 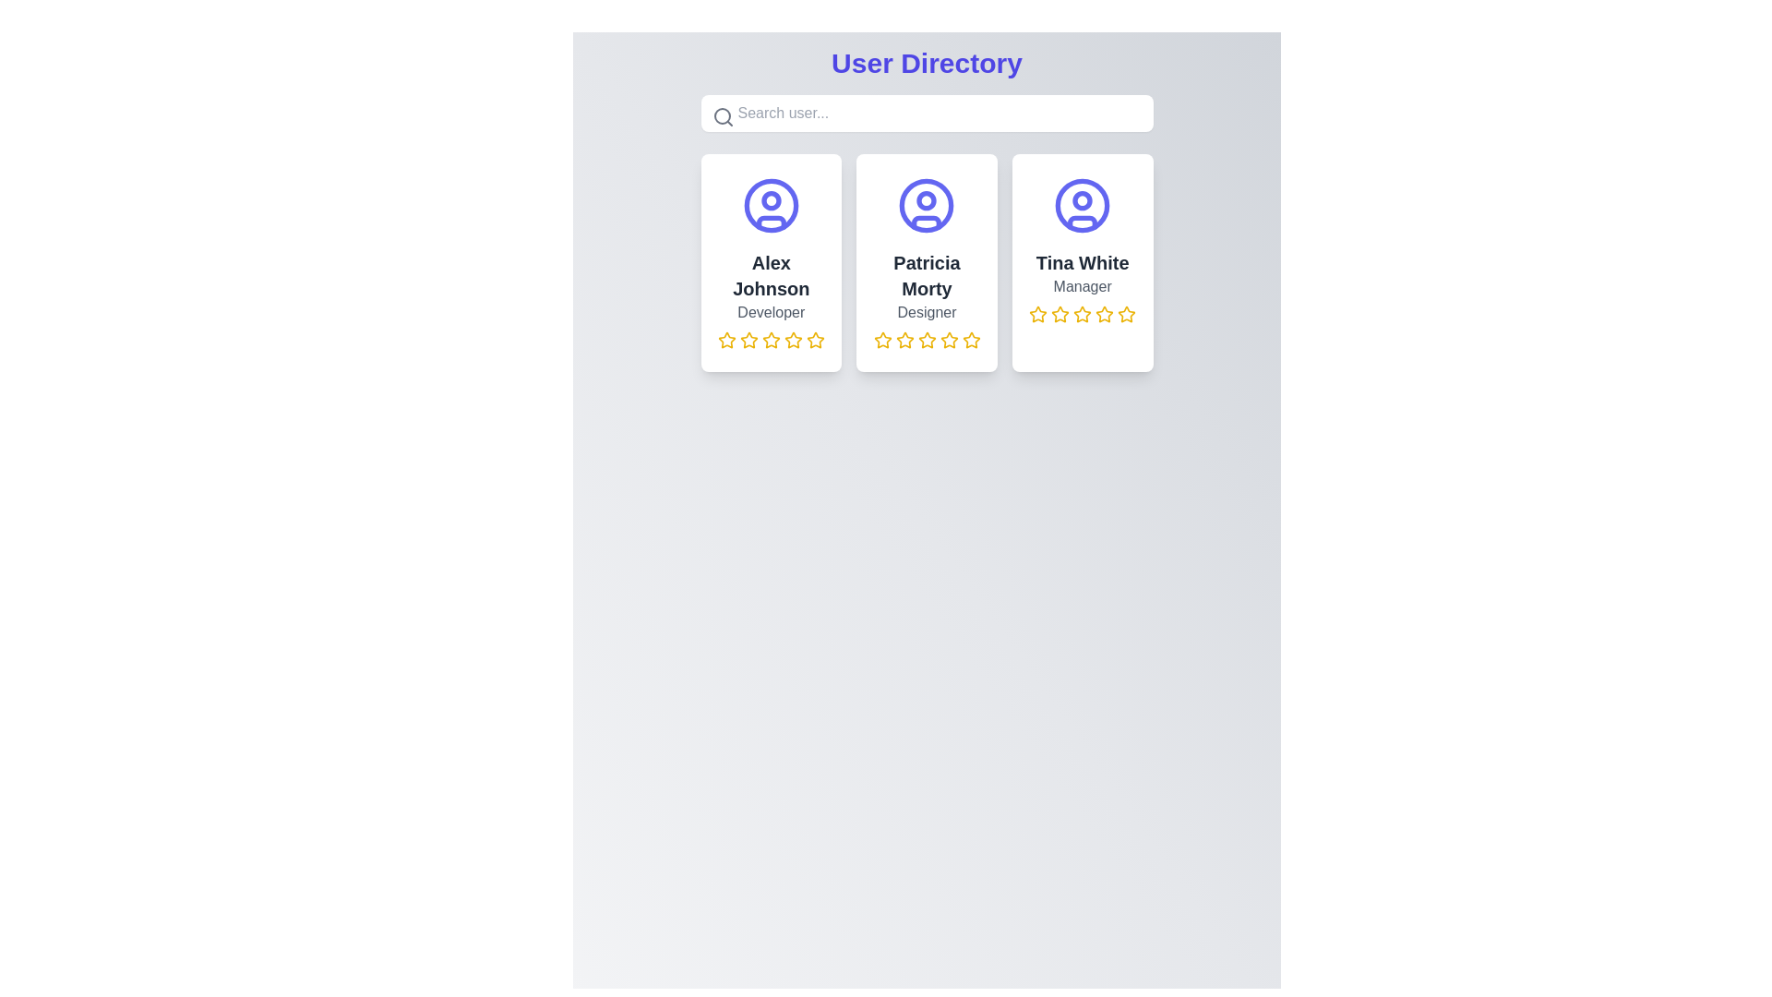 What do you see at coordinates (771, 341) in the screenshot?
I see `the fourth yellow star-shaped rating button under the card for user 'Alex Johnson' in the 'User Directory' interface to rate it` at bounding box center [771, 341].